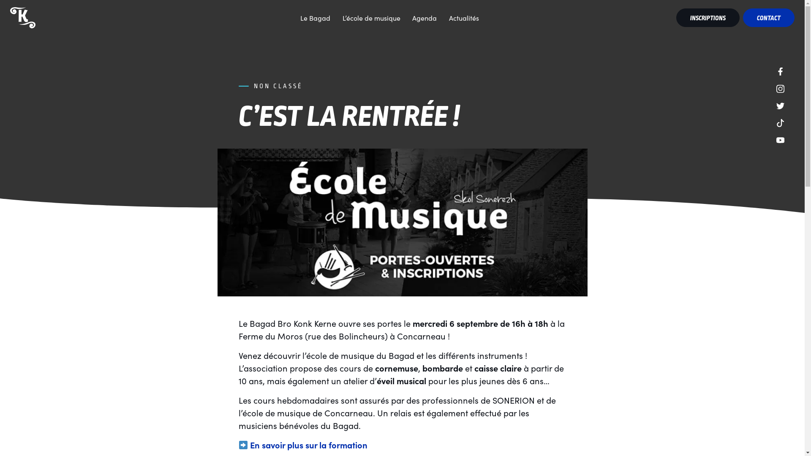 This screenshot has height=456, width=811. What do you see at coordinates (780, 87) in the screenshot?
I see `'Instagram'` at bounding box center [780, 87].